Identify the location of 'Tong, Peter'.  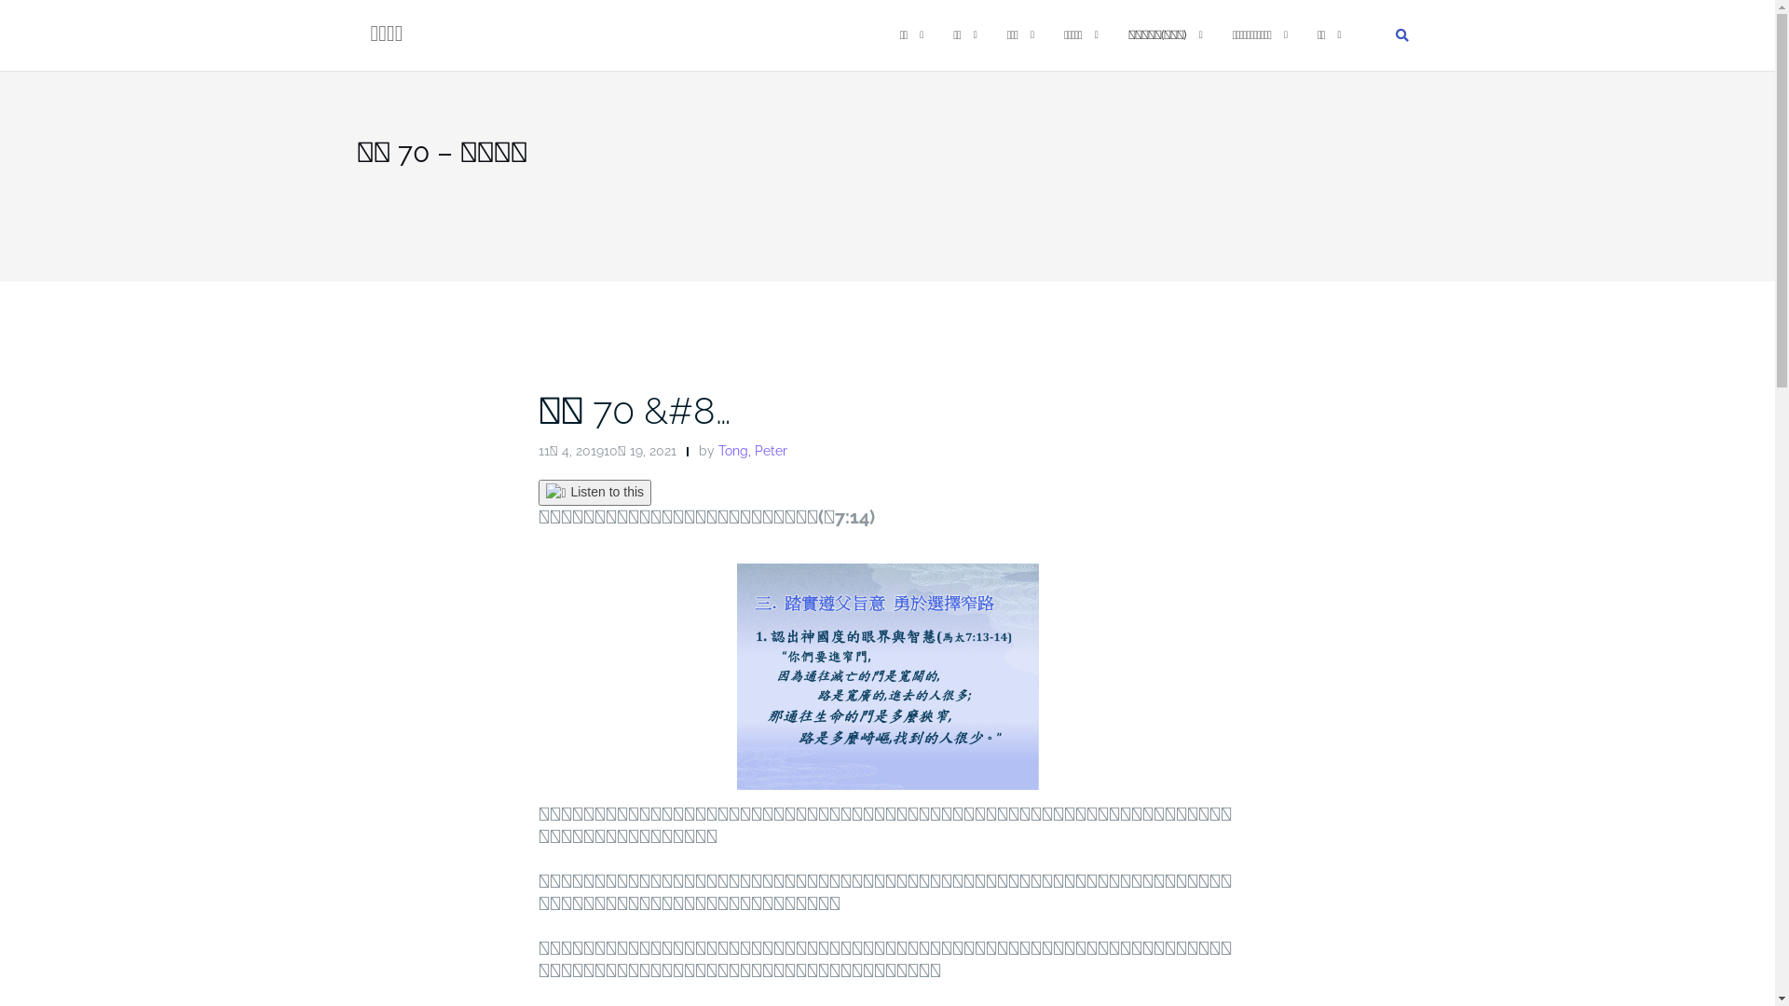
(751, 450).